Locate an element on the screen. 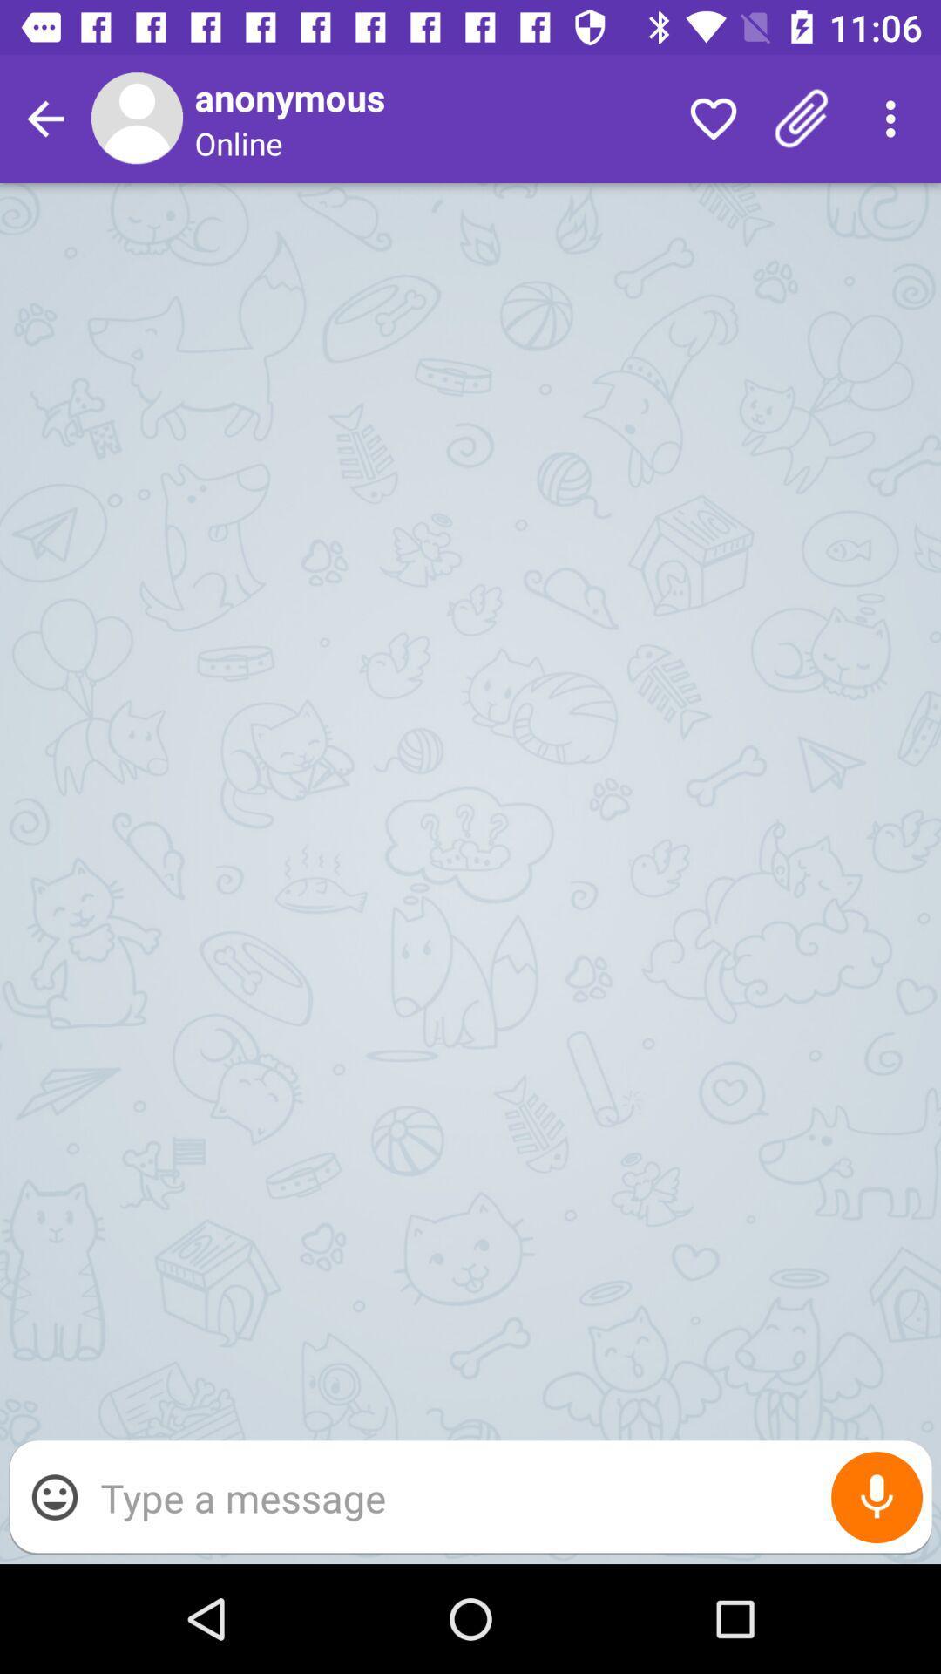 The width and height of the screenshot is (941, 1674). go back is located at coordinates (44, 118).